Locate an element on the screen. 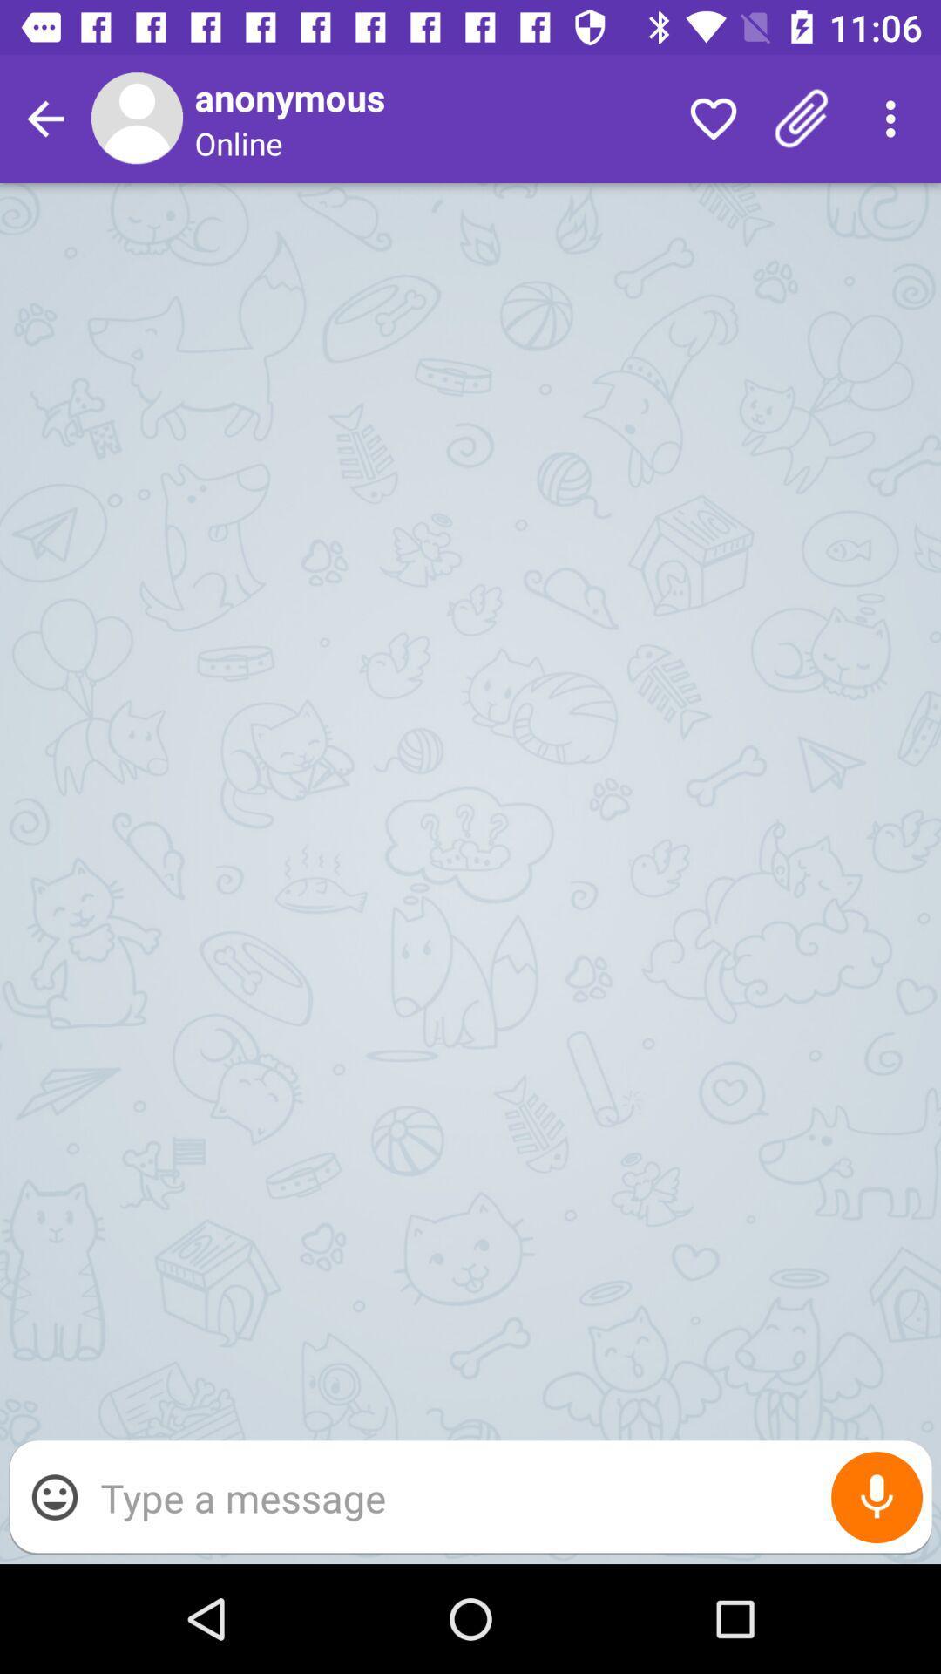 The width and height of the screenshot is (941, 1674). go back is located at coordinates (44, 118).